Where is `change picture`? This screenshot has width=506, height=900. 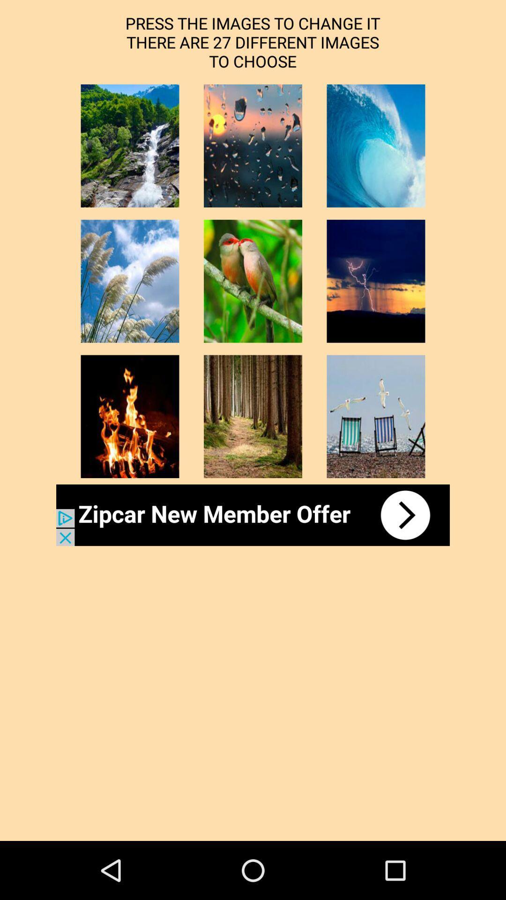 change picture is located at coordinates (253, 281).